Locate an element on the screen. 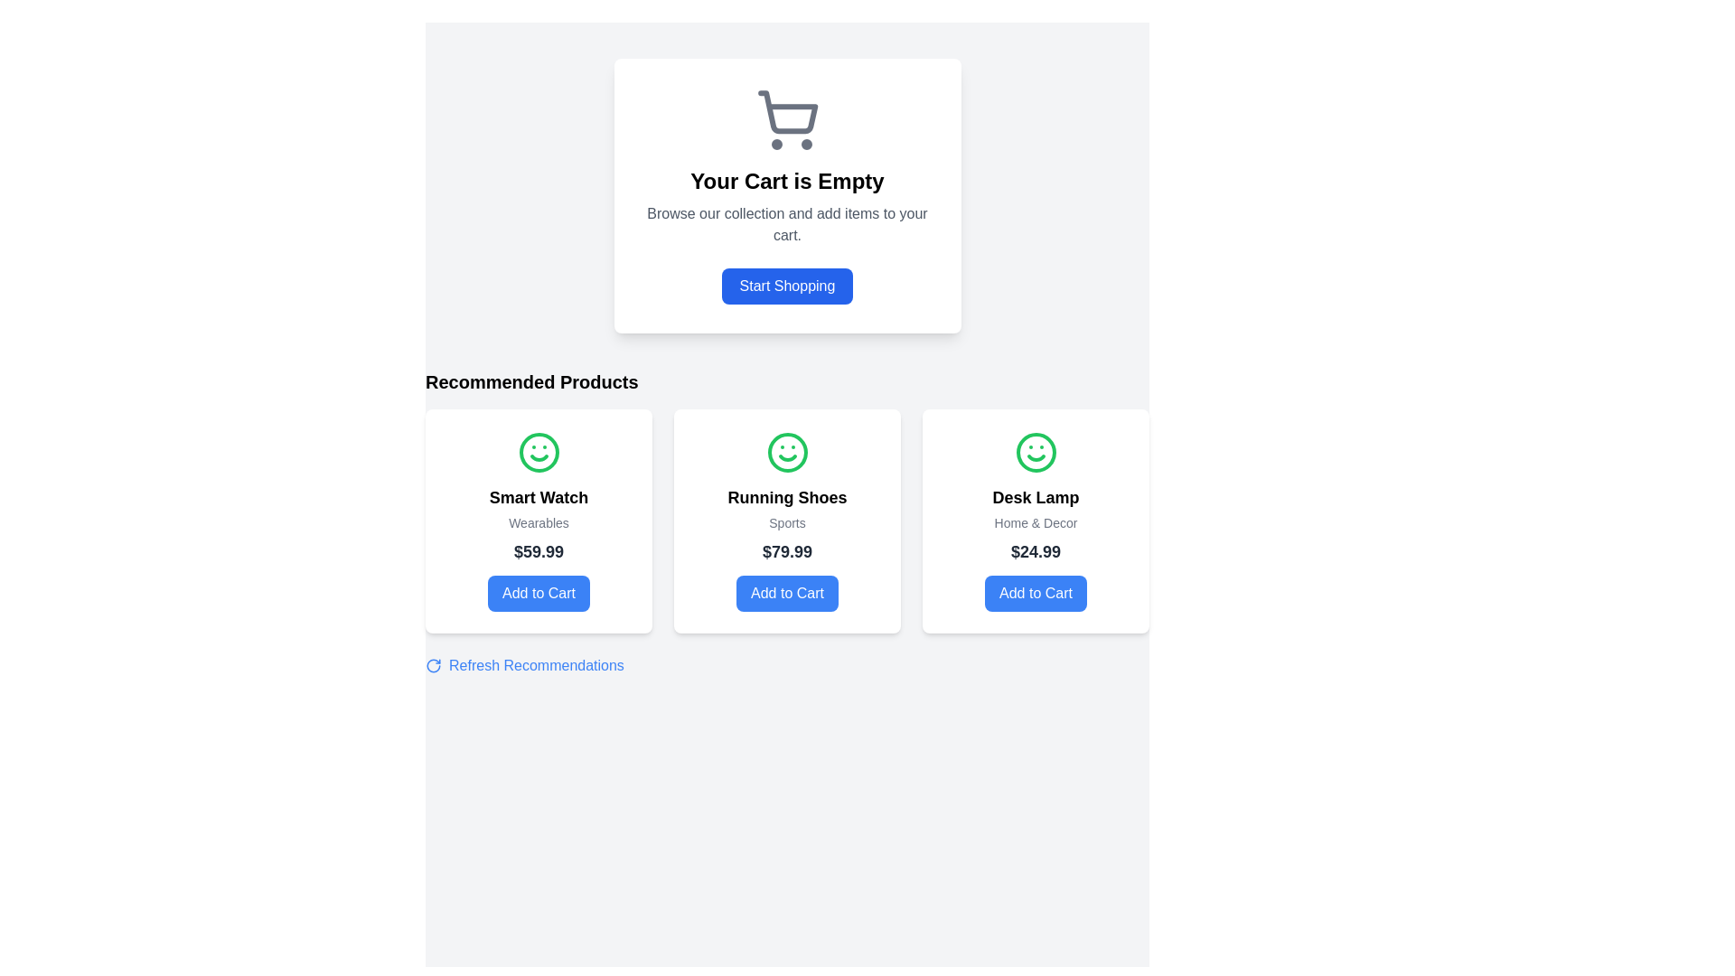 This screenshot has height=976, width=1735. the 'Add to Cart' button on the 'Desk Lamp' item card located in the bottom-right corner under the 'Recommended Products' section is located at coordinates (1036, 521).